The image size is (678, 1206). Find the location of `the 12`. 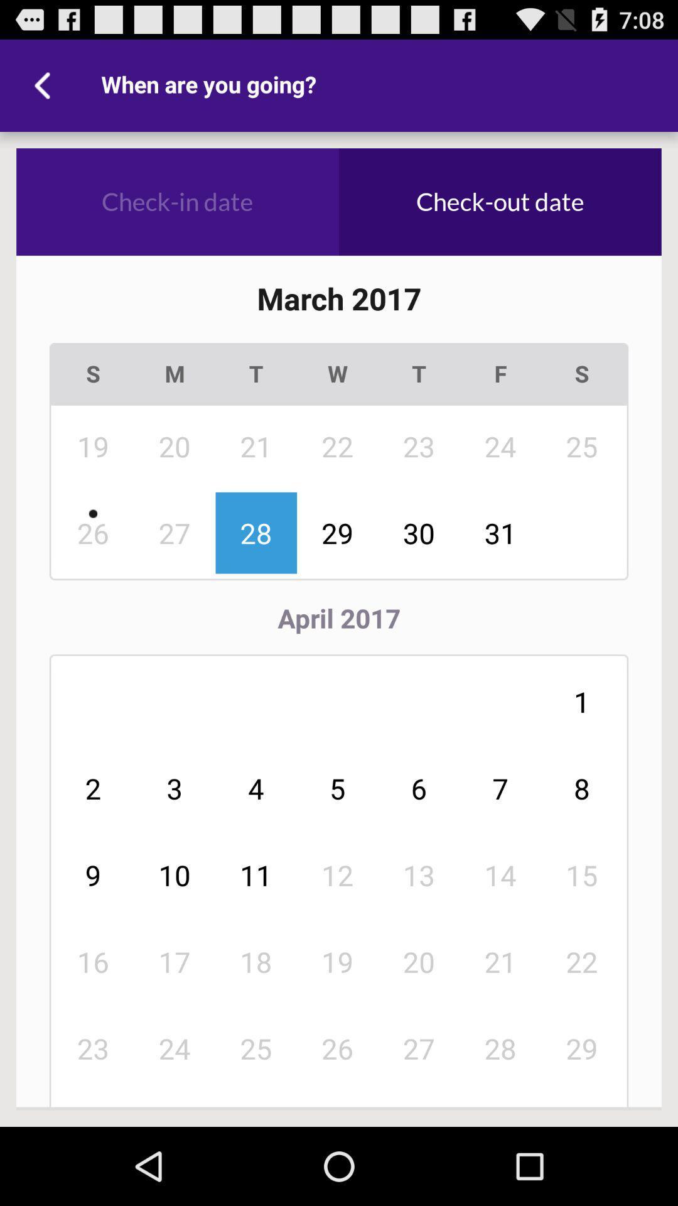

the 12 is located at coordinates (337, 874).